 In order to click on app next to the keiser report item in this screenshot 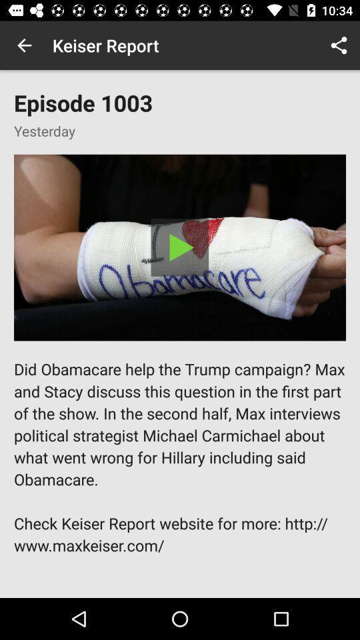, I will do `click(339, 45)`.